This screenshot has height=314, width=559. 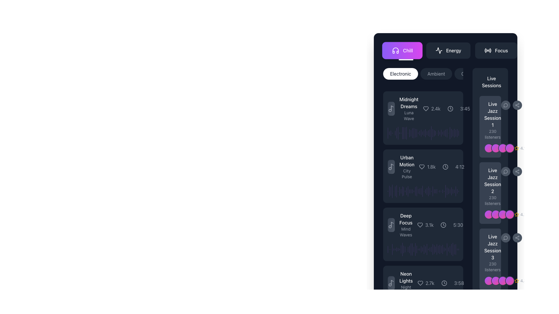 I want to click on the share icon button for the 'Live Jazz Session 3', so click(x=517, y=238).